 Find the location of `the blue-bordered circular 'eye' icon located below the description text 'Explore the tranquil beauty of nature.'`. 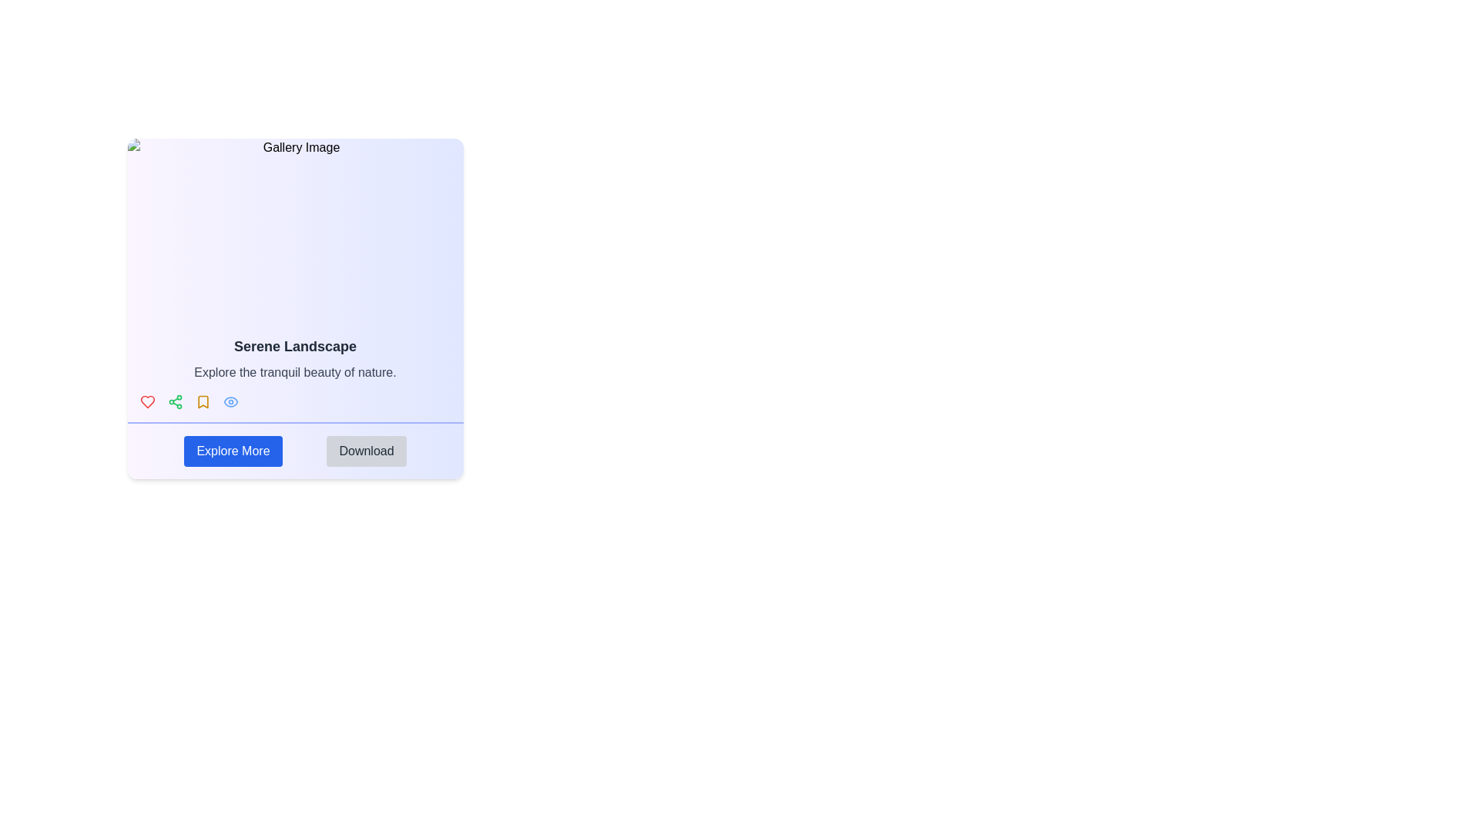

the blue-bordered circular 'eye' icon located below the description text 'Explore the tranquil beauty of nature.' is located at coordinates (230, 401).